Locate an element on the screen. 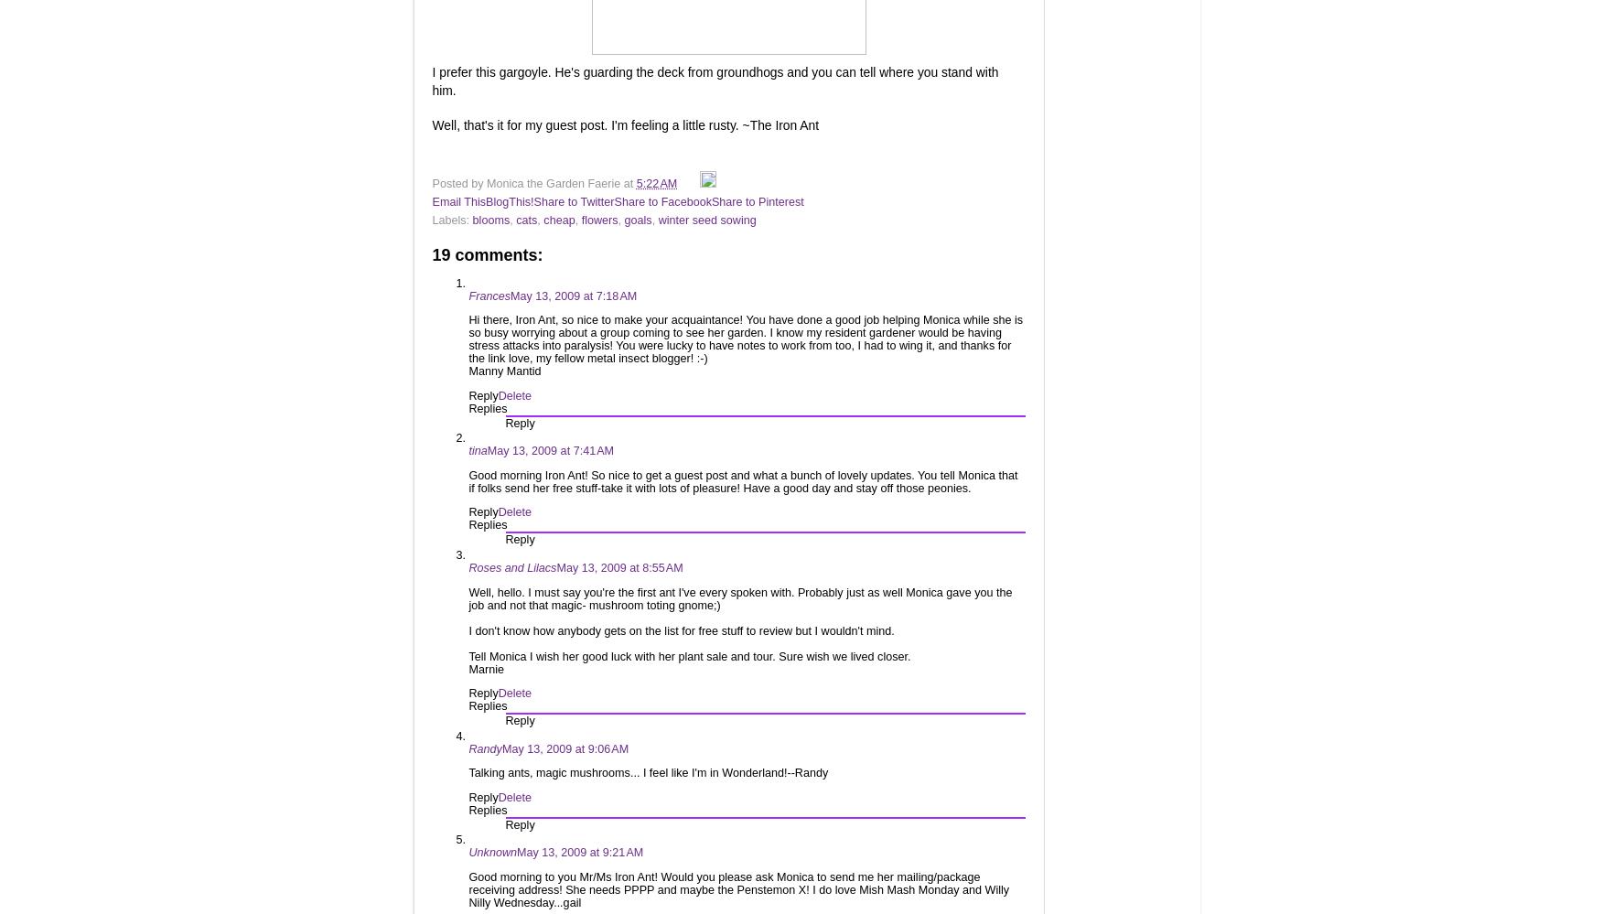 The width and height of the screenshot is (1613, 914). 'blooms' is located at coordinates (490, 219).